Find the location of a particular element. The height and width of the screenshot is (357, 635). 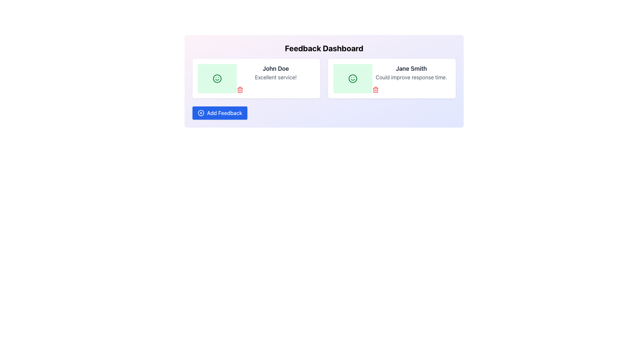

static text label displaying 'Excellent service!' located below 'John Doe' in a feedback card is located at coordinates (276, 77).